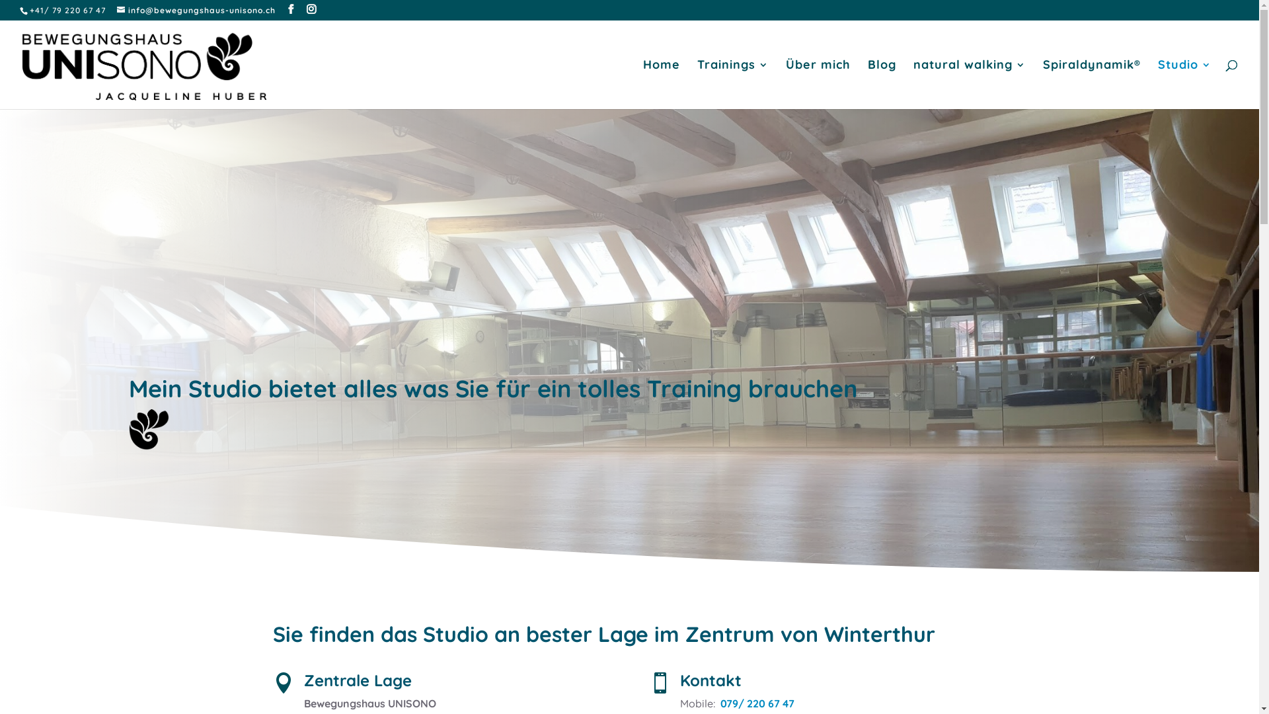 The width and height of the screenshot is (1269, 714). Describe the element at coordinates (196, 10) in the screenshot. I see `'info@bewegungshaus-unisono.ch'` at that location.